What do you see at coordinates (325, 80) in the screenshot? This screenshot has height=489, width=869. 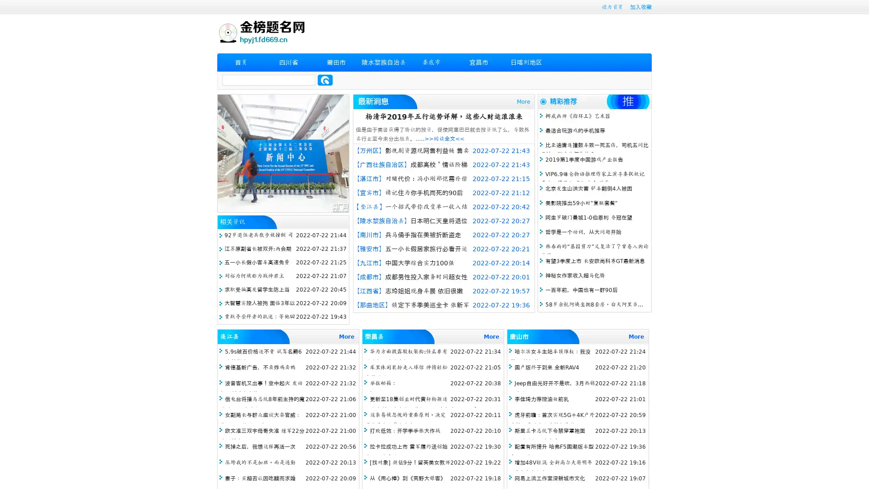 I see `Search` at bounding box center [325, 80].